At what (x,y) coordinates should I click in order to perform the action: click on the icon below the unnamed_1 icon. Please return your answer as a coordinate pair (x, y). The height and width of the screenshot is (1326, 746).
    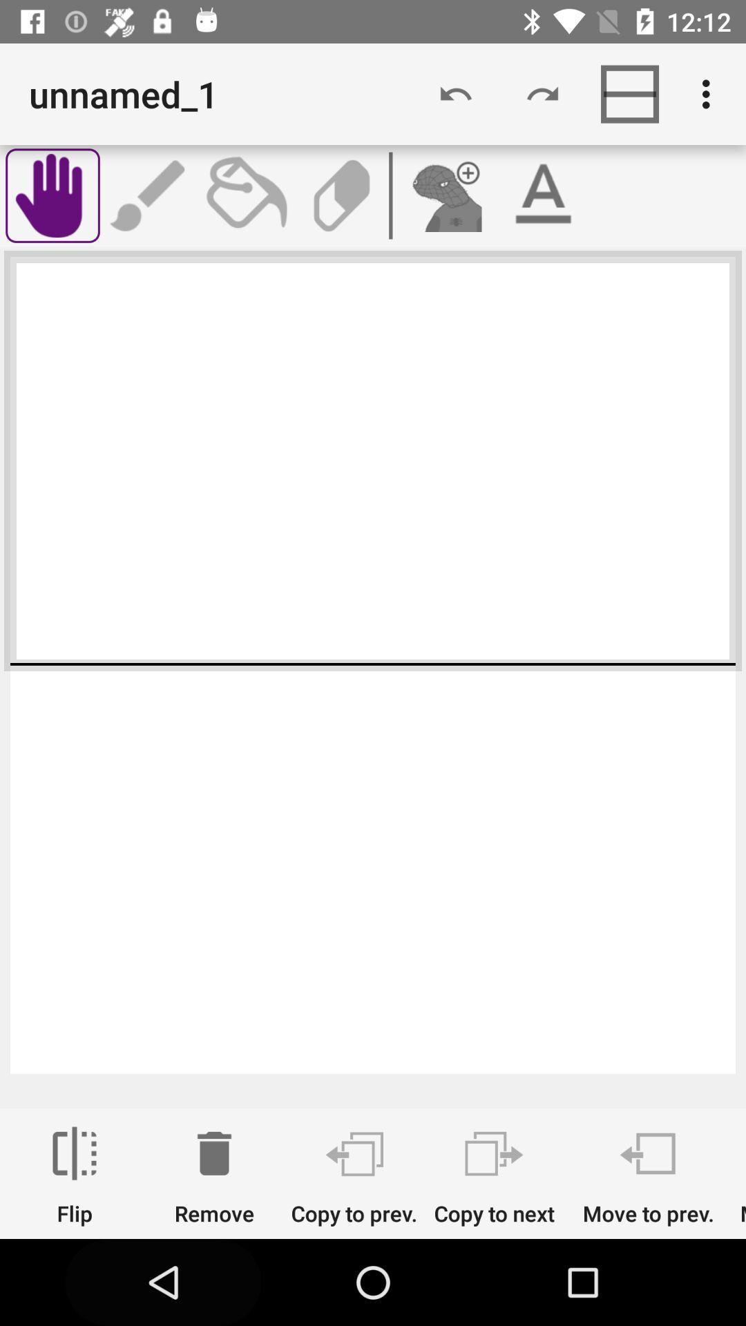
    Looking at the image, I should click on (52, 195).